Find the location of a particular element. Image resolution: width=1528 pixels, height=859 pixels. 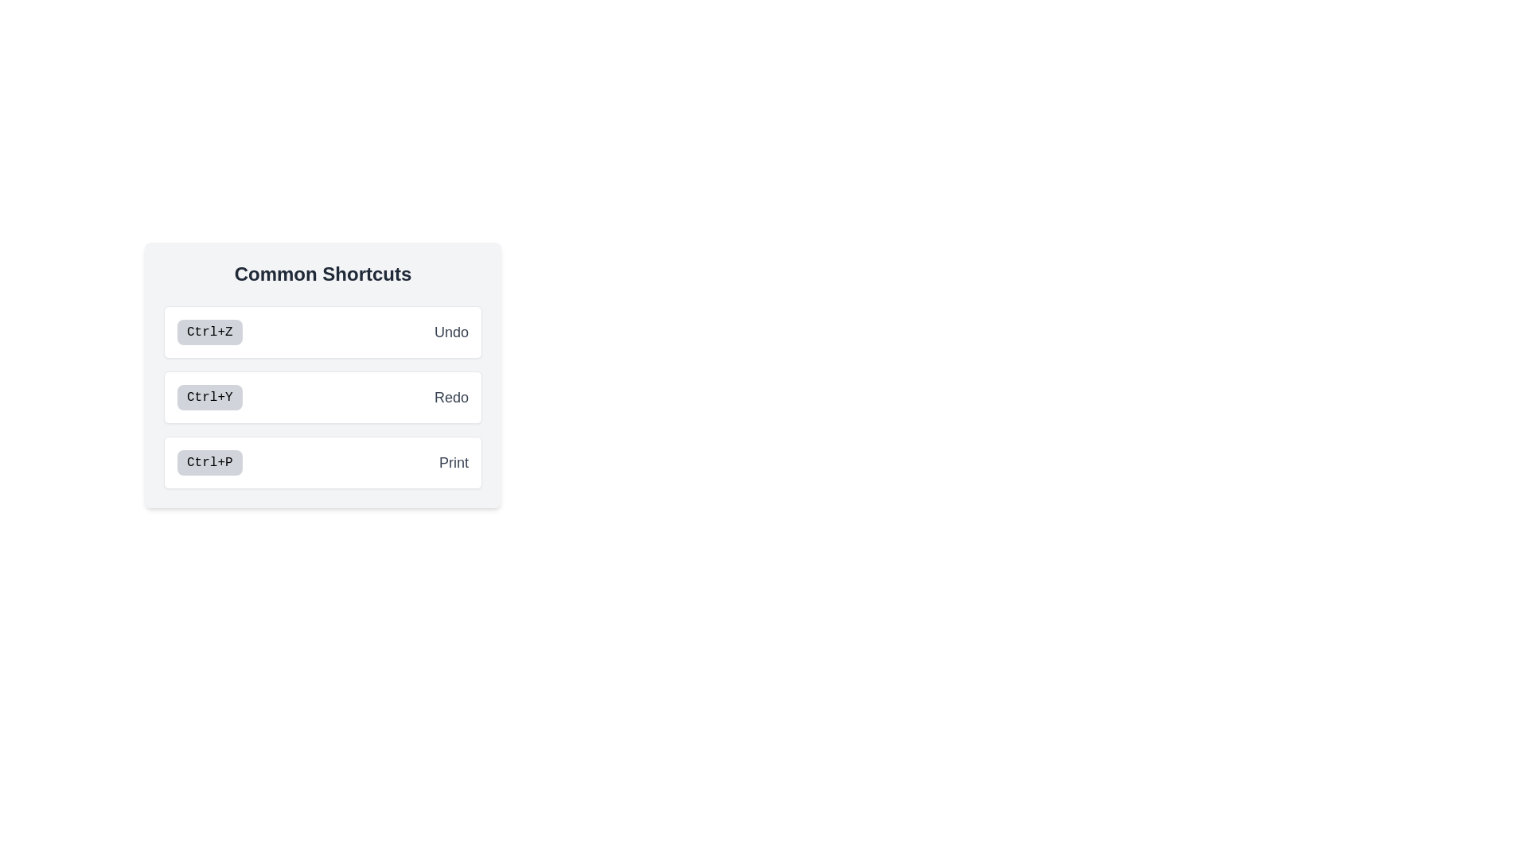

the keyboard shortcut label indicating 'Ctrl+Y', which is positioned in the second row of the vertical list and is associated with the 'Redo' action is located at coordinates (209, 397).